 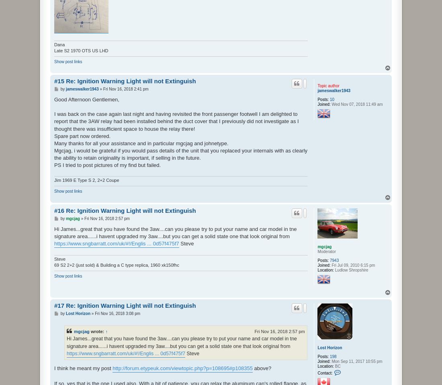 What do you see at coordinates (107, 165) in the screenshot?
I see `'PS I tried to post pictures of my find but failed.'` at bounding box center [107, 165].